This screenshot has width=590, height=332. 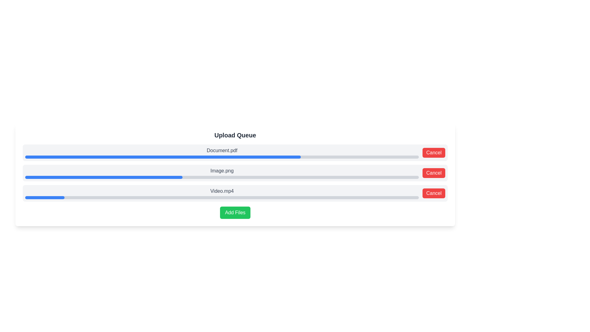 What do you see at coordinates (235, 152) in the screenshot?
I see `the progress bar of the first upload entry row in the queue` at bounding box center [235, 152].